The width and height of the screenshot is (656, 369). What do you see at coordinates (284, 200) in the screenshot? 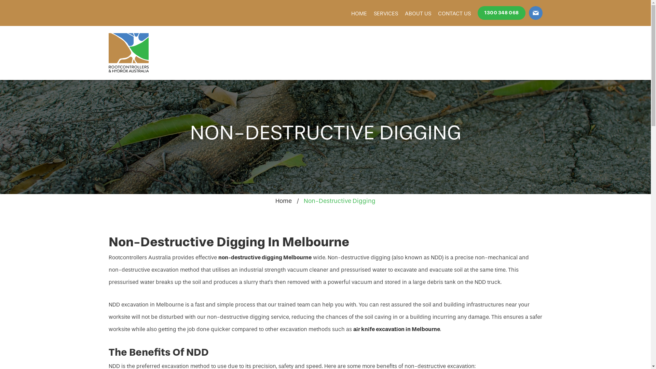
I see `'Home'` at bounding box center [284, 200].